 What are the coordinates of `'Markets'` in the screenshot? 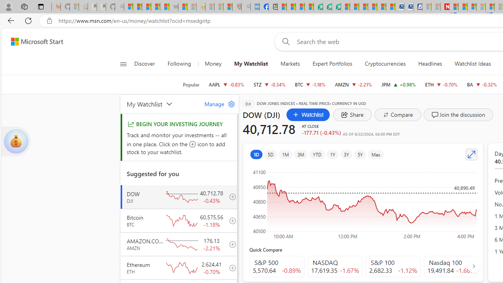 It's located at (290, 64).